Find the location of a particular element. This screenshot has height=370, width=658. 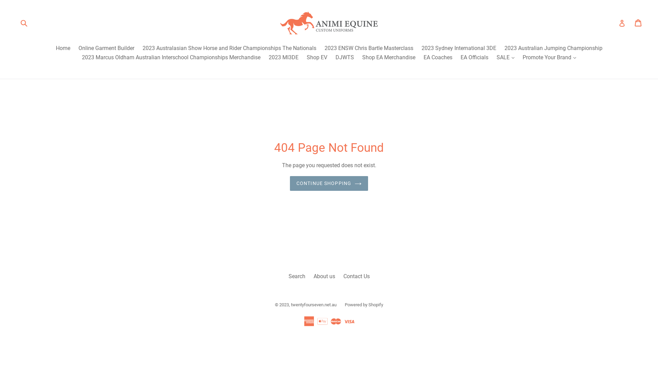

'2023 ENSW Chris Bartle Masterclass' is located at coordinates (320, 48).